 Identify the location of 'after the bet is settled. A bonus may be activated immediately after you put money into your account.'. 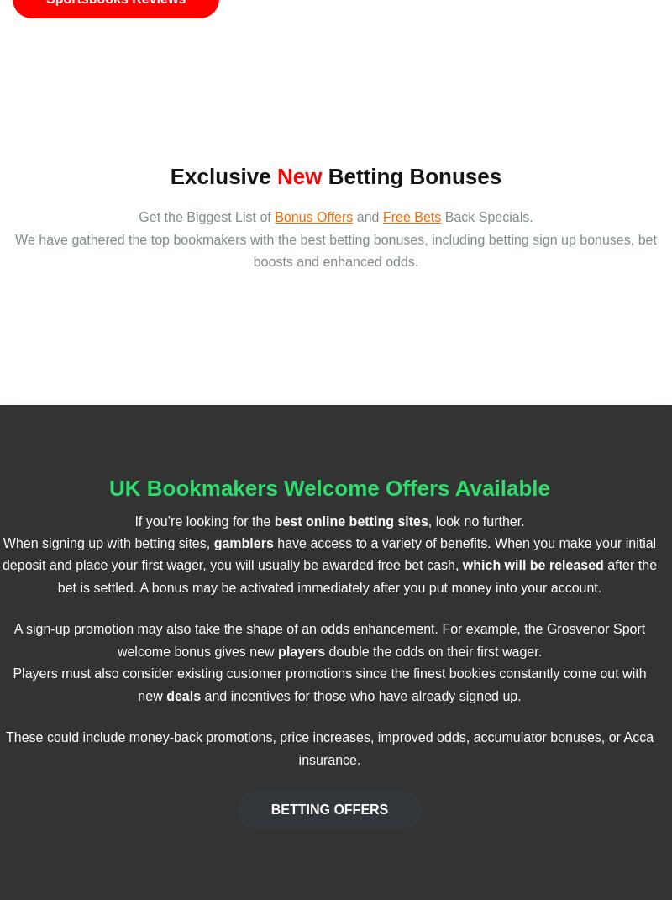
(356, 575).